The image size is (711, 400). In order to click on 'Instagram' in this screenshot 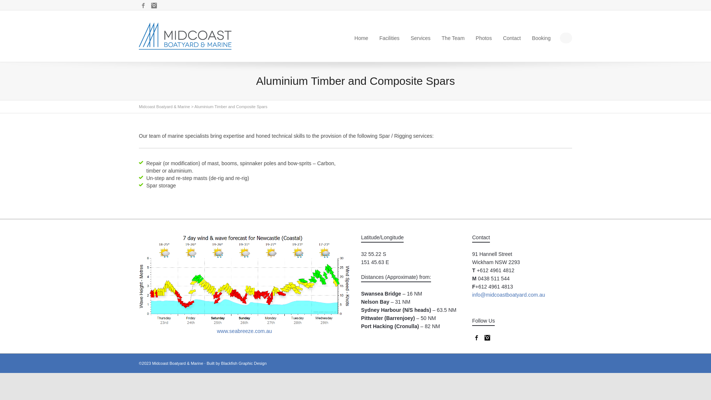, I will do `click(154, 6)`.